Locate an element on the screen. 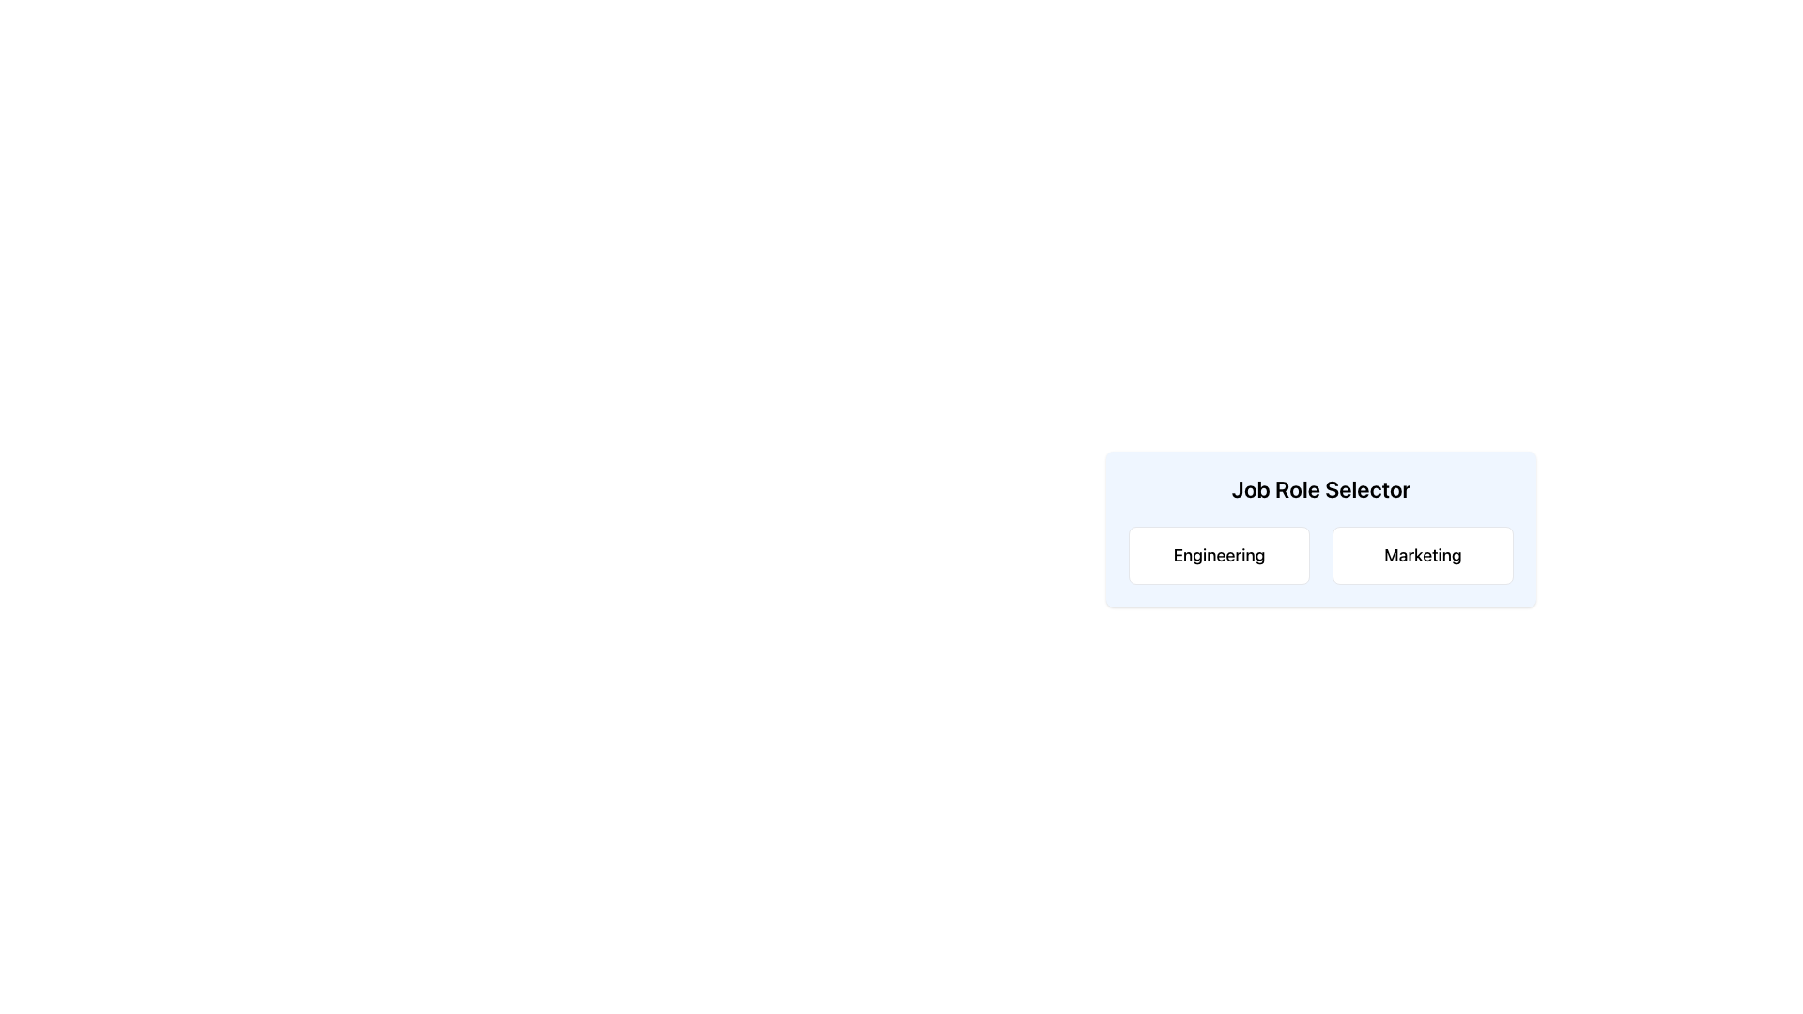 The width and height of the screenshot is (1803, 1014). the 'Marketing' text label, which is the second button in the 'Job Role Selector' panel is located at coordinates (1423, 554).